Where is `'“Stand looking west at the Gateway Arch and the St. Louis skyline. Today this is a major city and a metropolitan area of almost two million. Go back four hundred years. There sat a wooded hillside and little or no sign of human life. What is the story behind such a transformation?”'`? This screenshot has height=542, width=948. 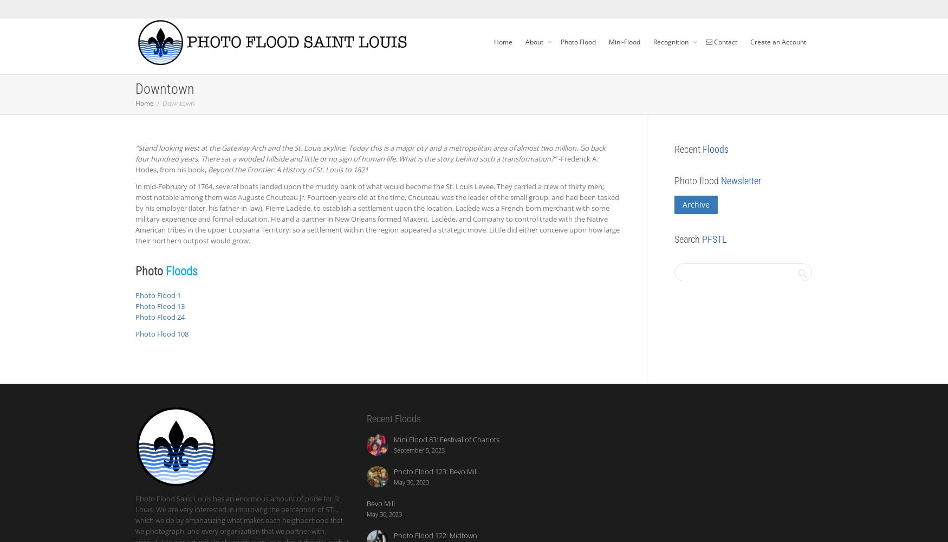
'“Stand looking west at the Gateway Arch and the St. Louis skyline. Today this is a major city and a metropolitan area of almost two million. Go back four hundred years. There sat a wooded hillside and little or no sign of human life. What is the story behind such a transformation?”' is located at coordinates (370, 153).